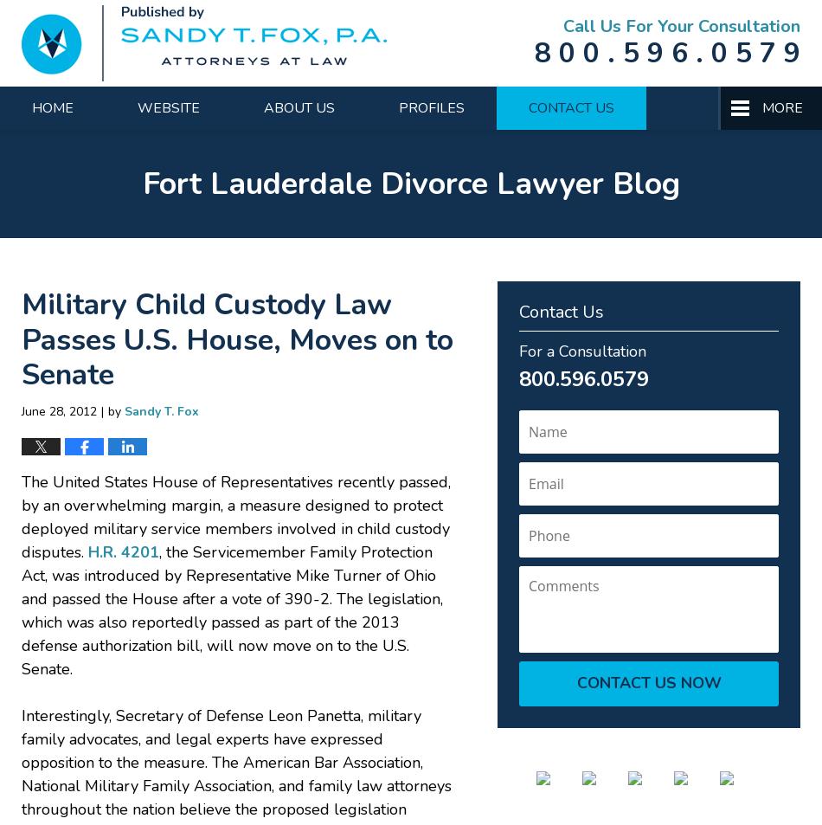 The width and height of the screenshot is (822, 825). What do you see at coordinates (59, 409) in the screenshot?
I see `'June 28, 2012'` at bounding box center [59, 409].